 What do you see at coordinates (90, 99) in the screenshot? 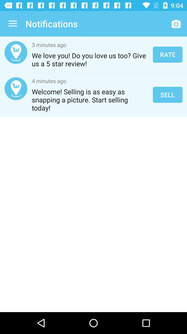
I see `the item to the left of the sell item` at bounding box center [90, 99].